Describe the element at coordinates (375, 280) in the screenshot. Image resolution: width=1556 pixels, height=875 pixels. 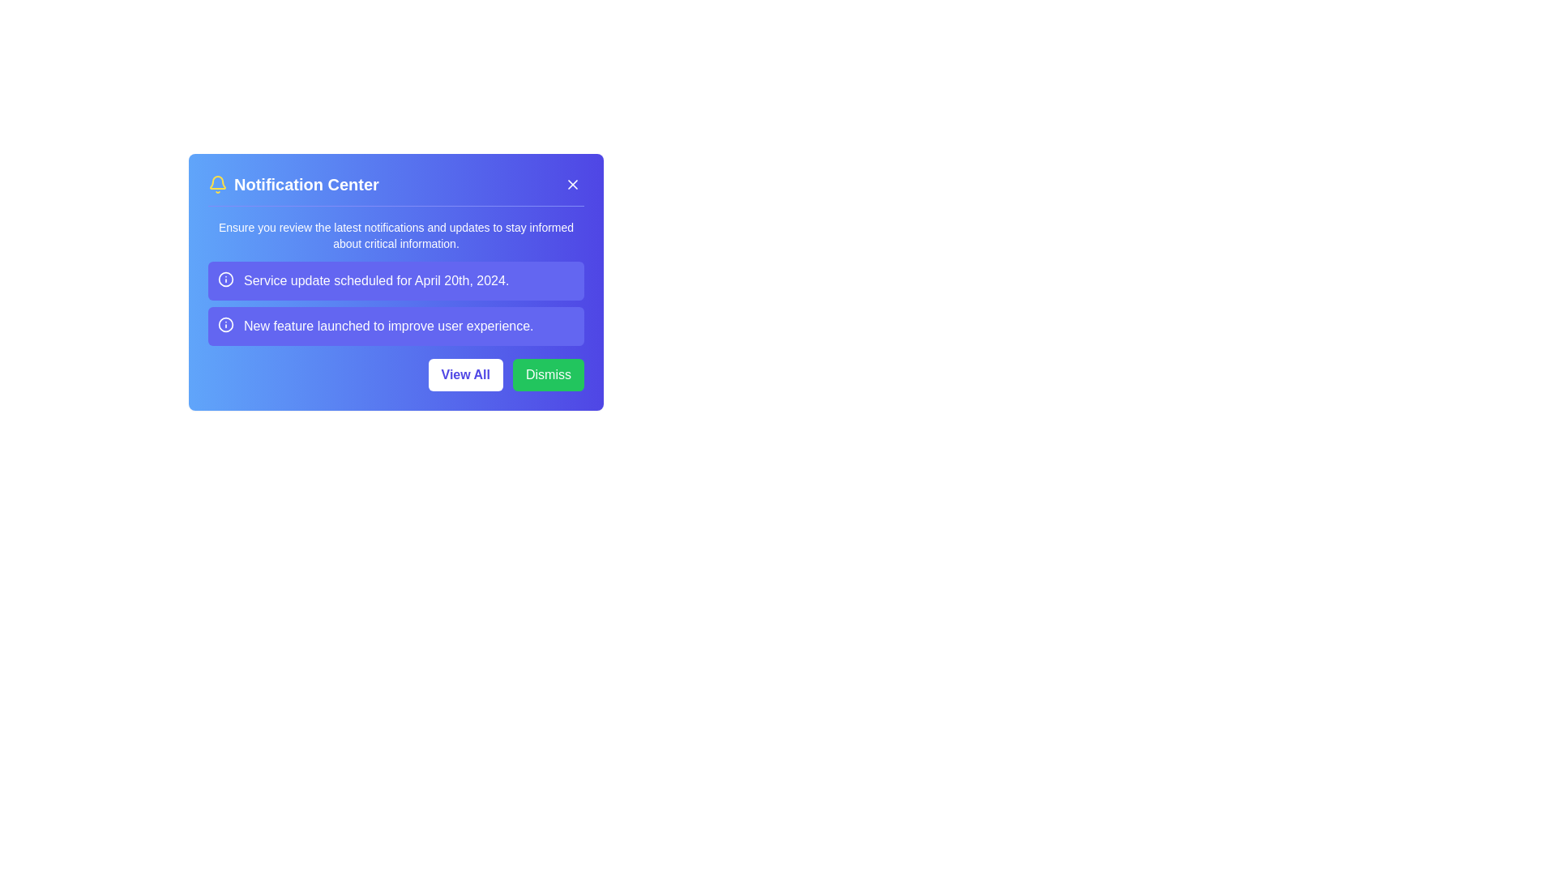
I see `the message label in the Notification Center that conveys information regarding a scheduled service update` at that location.